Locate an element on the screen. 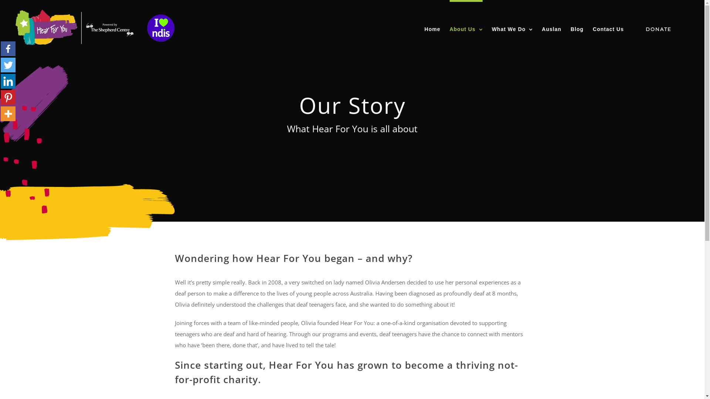  'More' is located at coordinates (0, 114).